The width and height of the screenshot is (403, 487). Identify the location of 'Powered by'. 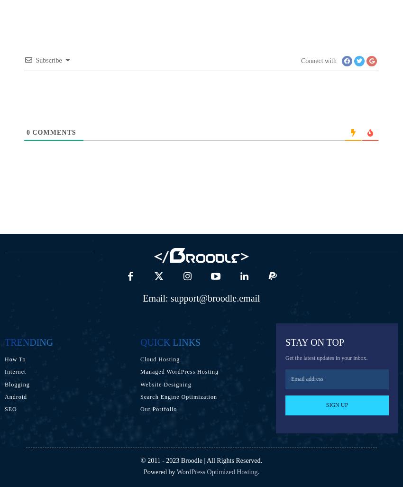
(160, 471).